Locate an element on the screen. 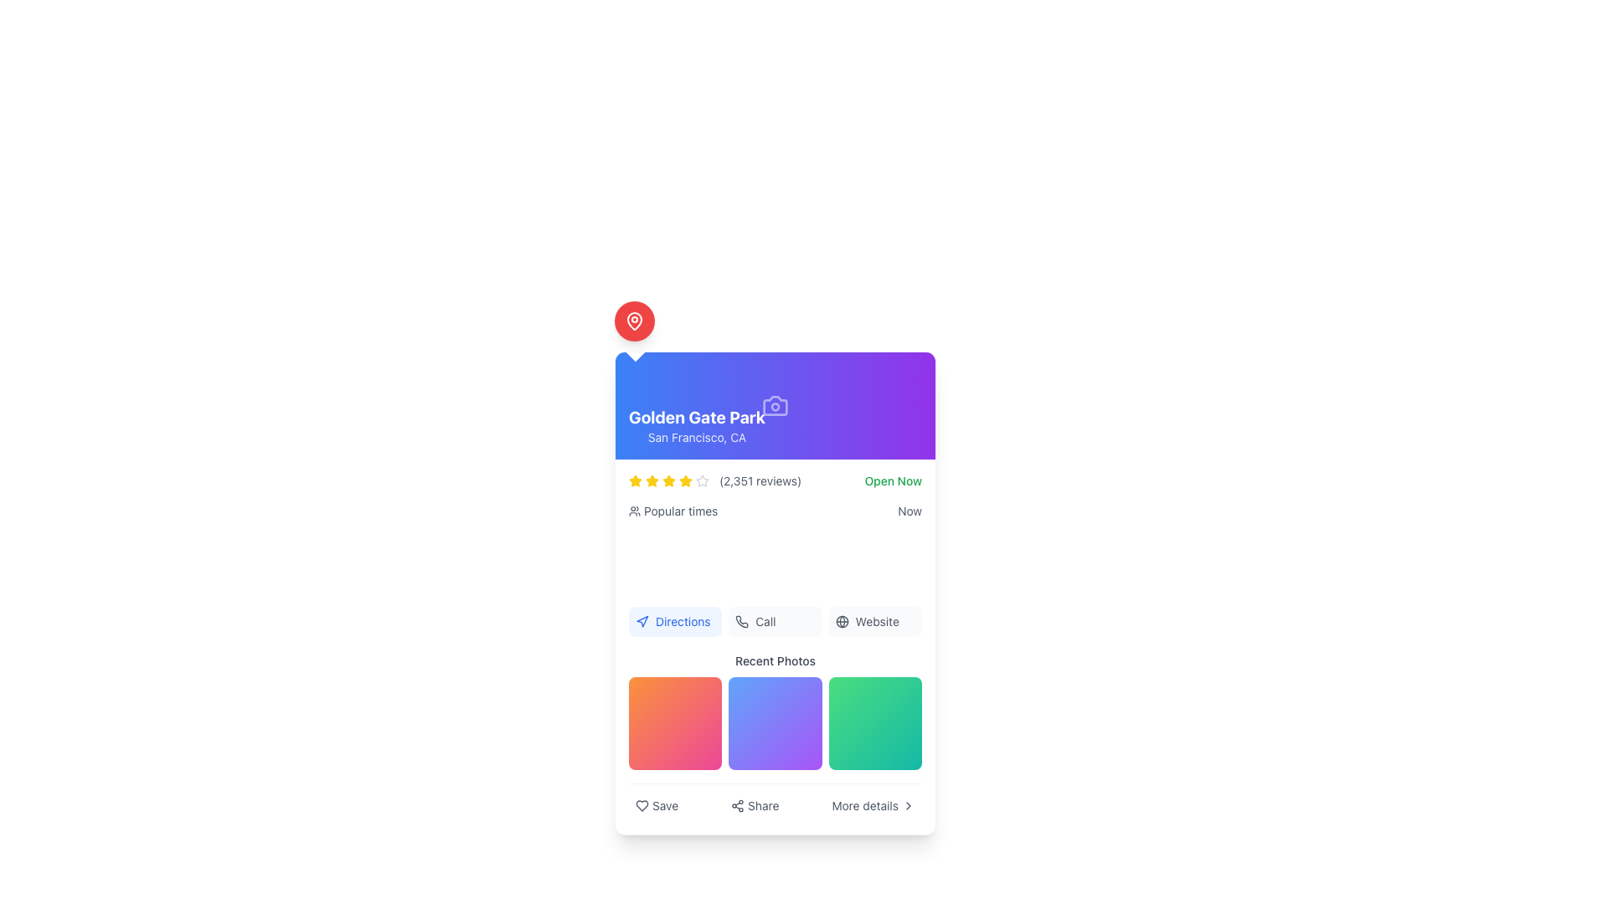  the 'Directions' button located in the middle-left section of a three-column grid layout below the card header is located at coordinates (675, 622).